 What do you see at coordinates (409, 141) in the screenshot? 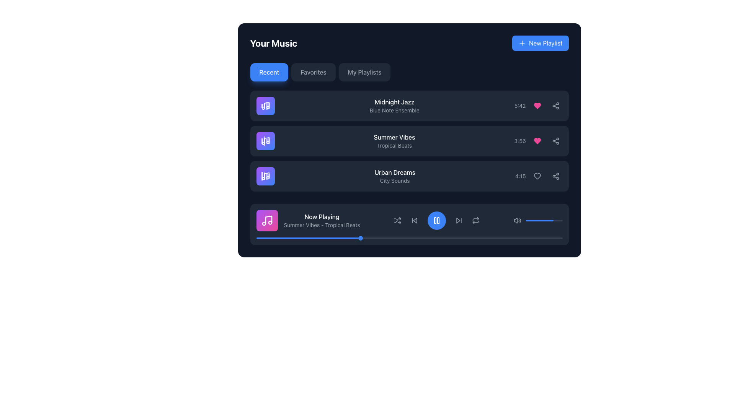
I see `the song entry 'Summer Vibes'` at bounding box center [409, 141].